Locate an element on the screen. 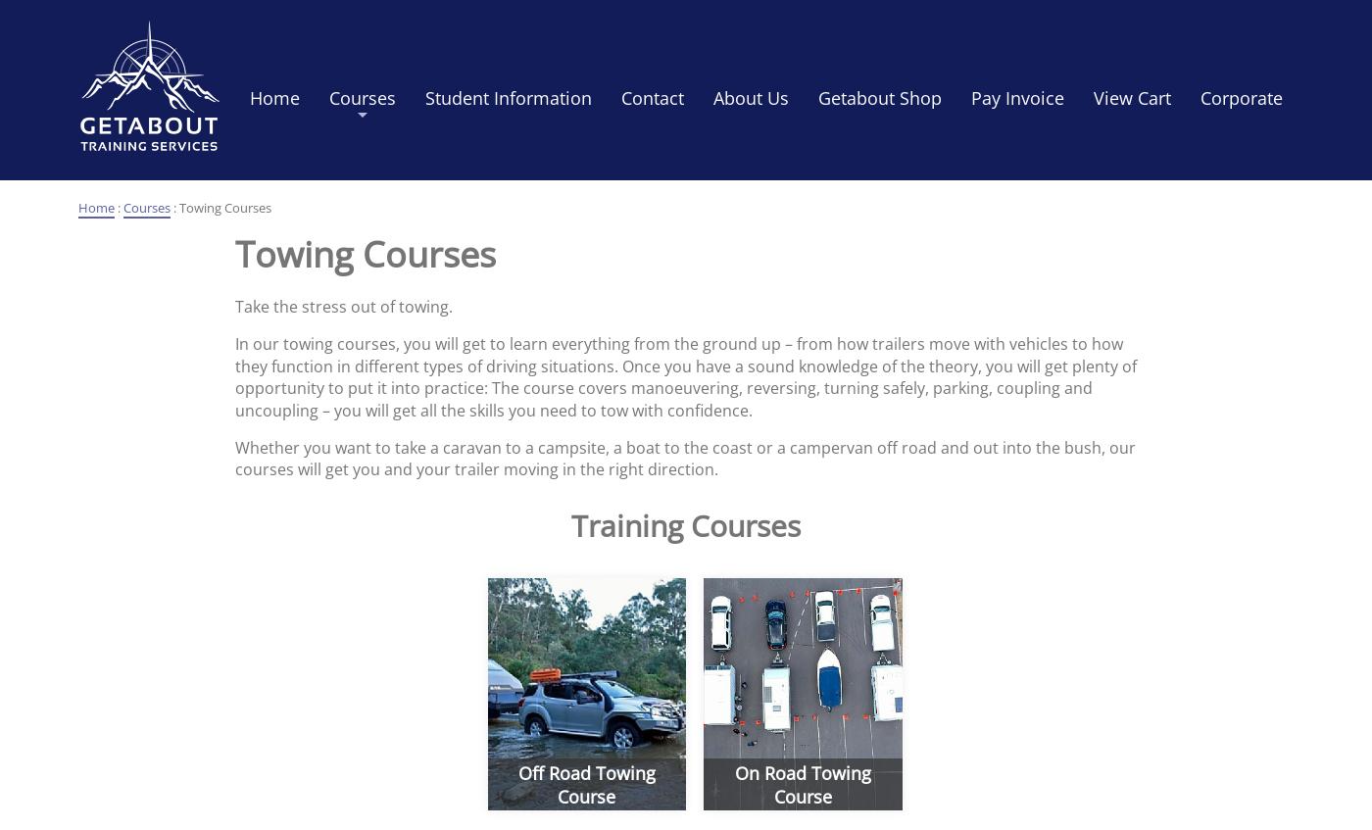 This screenshot has height=830, width=1372. 'Take the stress out of towing.' is located at coordinates (343, 306).